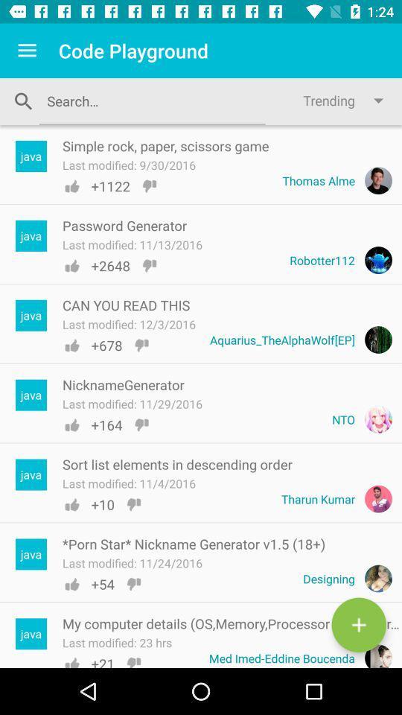 The image size is (402, 715). Describe the element at coordinates (133, 661) in the screenshot. I see `the dislike icon for my computer details` at that location.